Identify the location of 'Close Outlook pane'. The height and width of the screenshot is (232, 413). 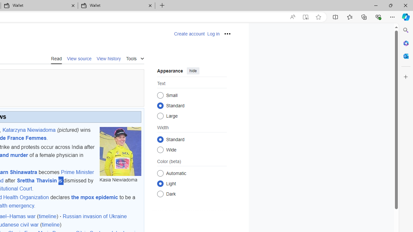
(406, 56).